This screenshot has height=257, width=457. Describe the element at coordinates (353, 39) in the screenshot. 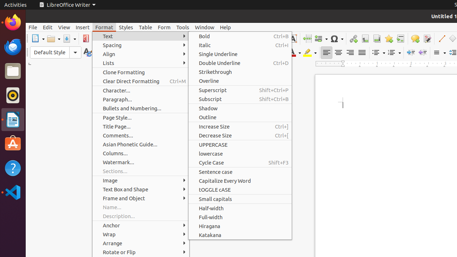

I see `'Hyperlink'` at that location.